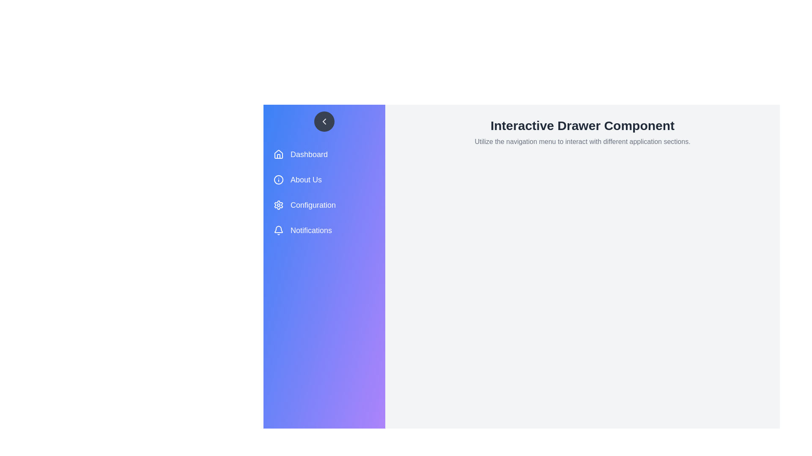  I want to click on the 'About Us' Text Label located in the sidebar menu, which is positioned directly to the right of the information icon, as the second item in the vertical list following 'Dashboard', so click(306, 179).